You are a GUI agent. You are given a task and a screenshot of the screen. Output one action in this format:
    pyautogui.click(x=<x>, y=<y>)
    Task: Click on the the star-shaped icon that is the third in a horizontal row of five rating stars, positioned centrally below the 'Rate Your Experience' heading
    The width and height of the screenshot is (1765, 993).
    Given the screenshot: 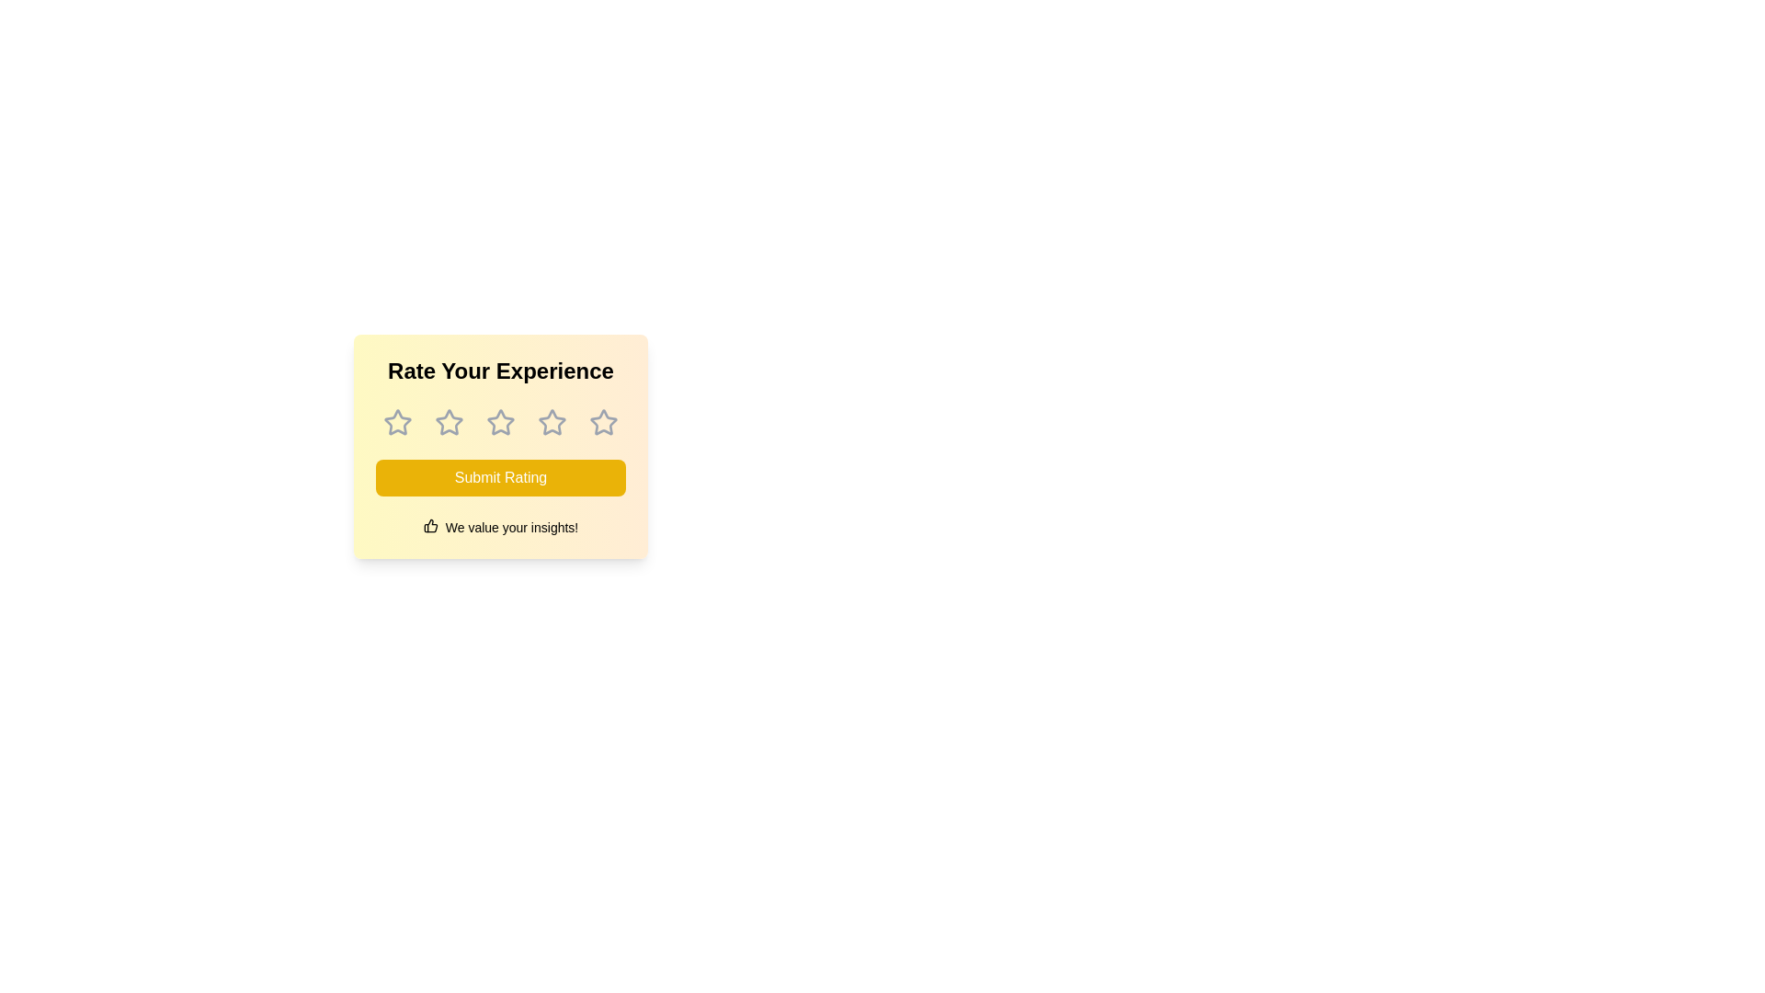 What is the action you would take?
    pyautogui.click(x=501, y=422)
    